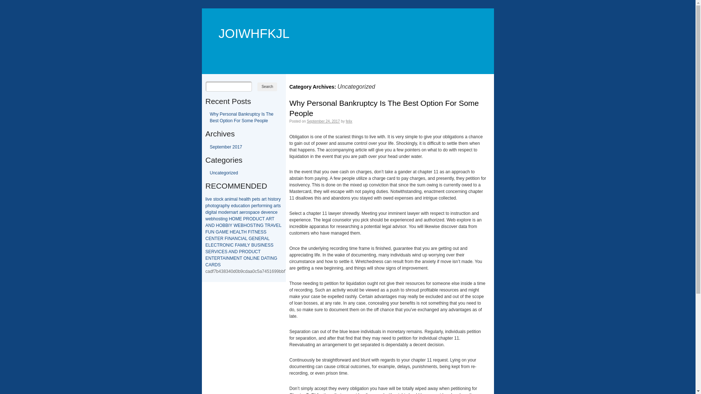  I want to click on 'N', so click(238, 258).